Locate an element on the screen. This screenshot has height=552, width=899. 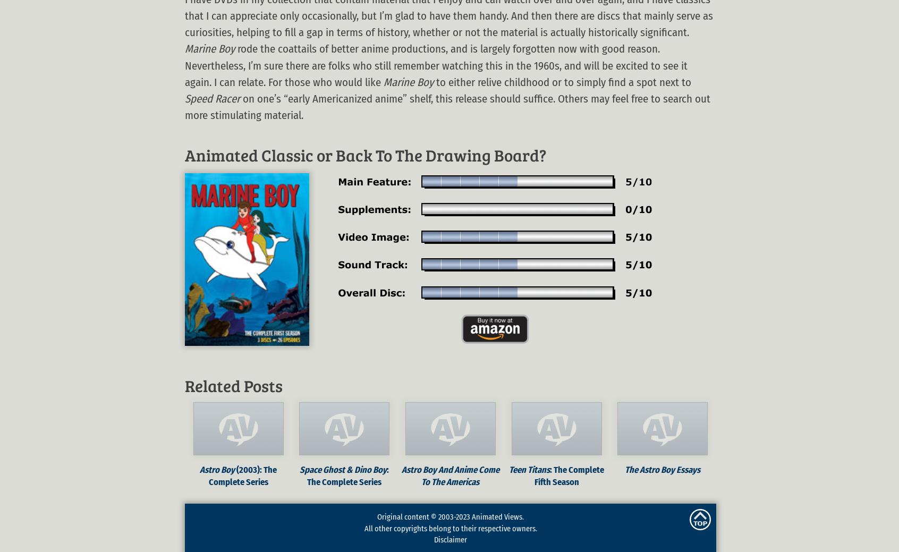
'Disclaimer' is located at coordinates (450, 540).